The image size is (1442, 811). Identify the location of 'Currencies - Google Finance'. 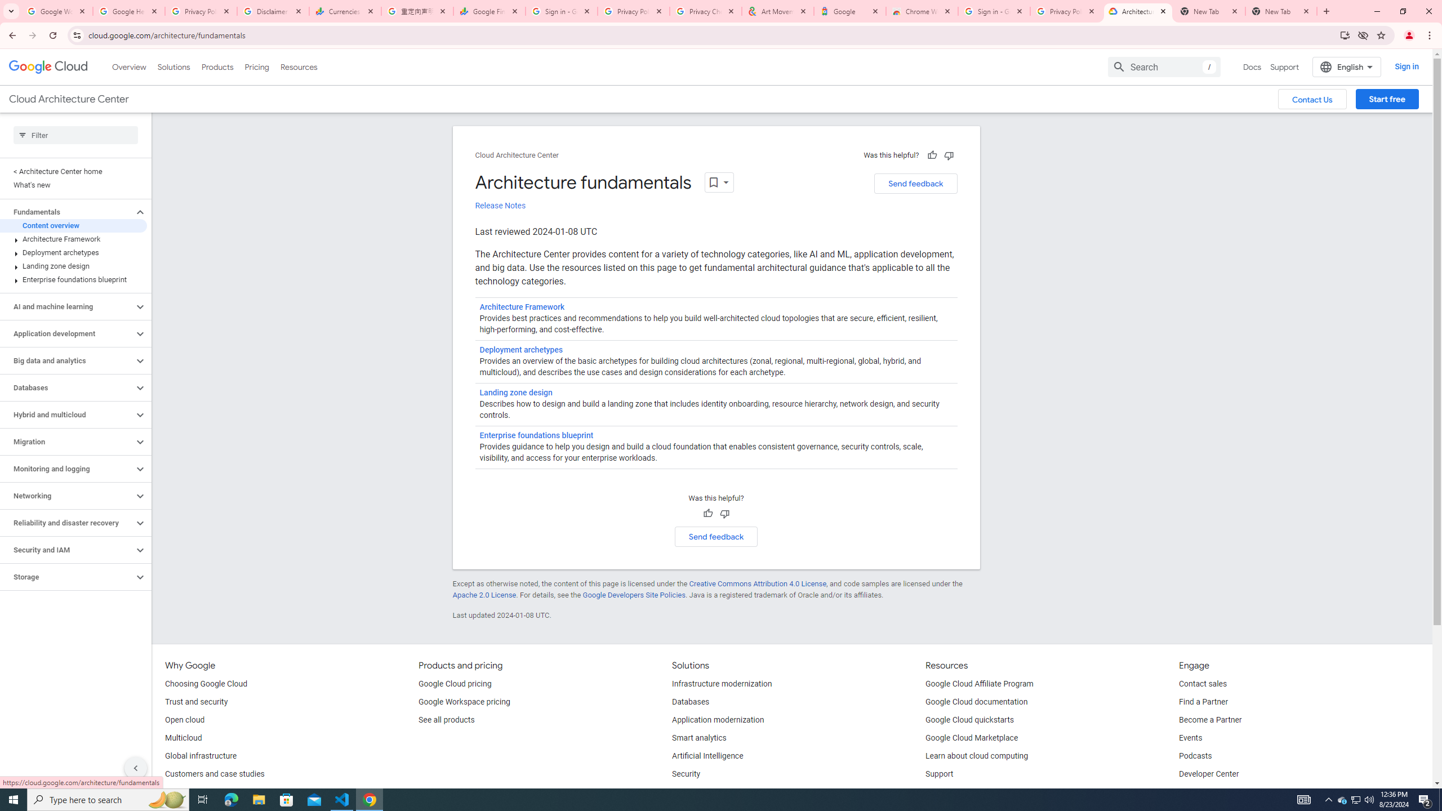
(345, 11).